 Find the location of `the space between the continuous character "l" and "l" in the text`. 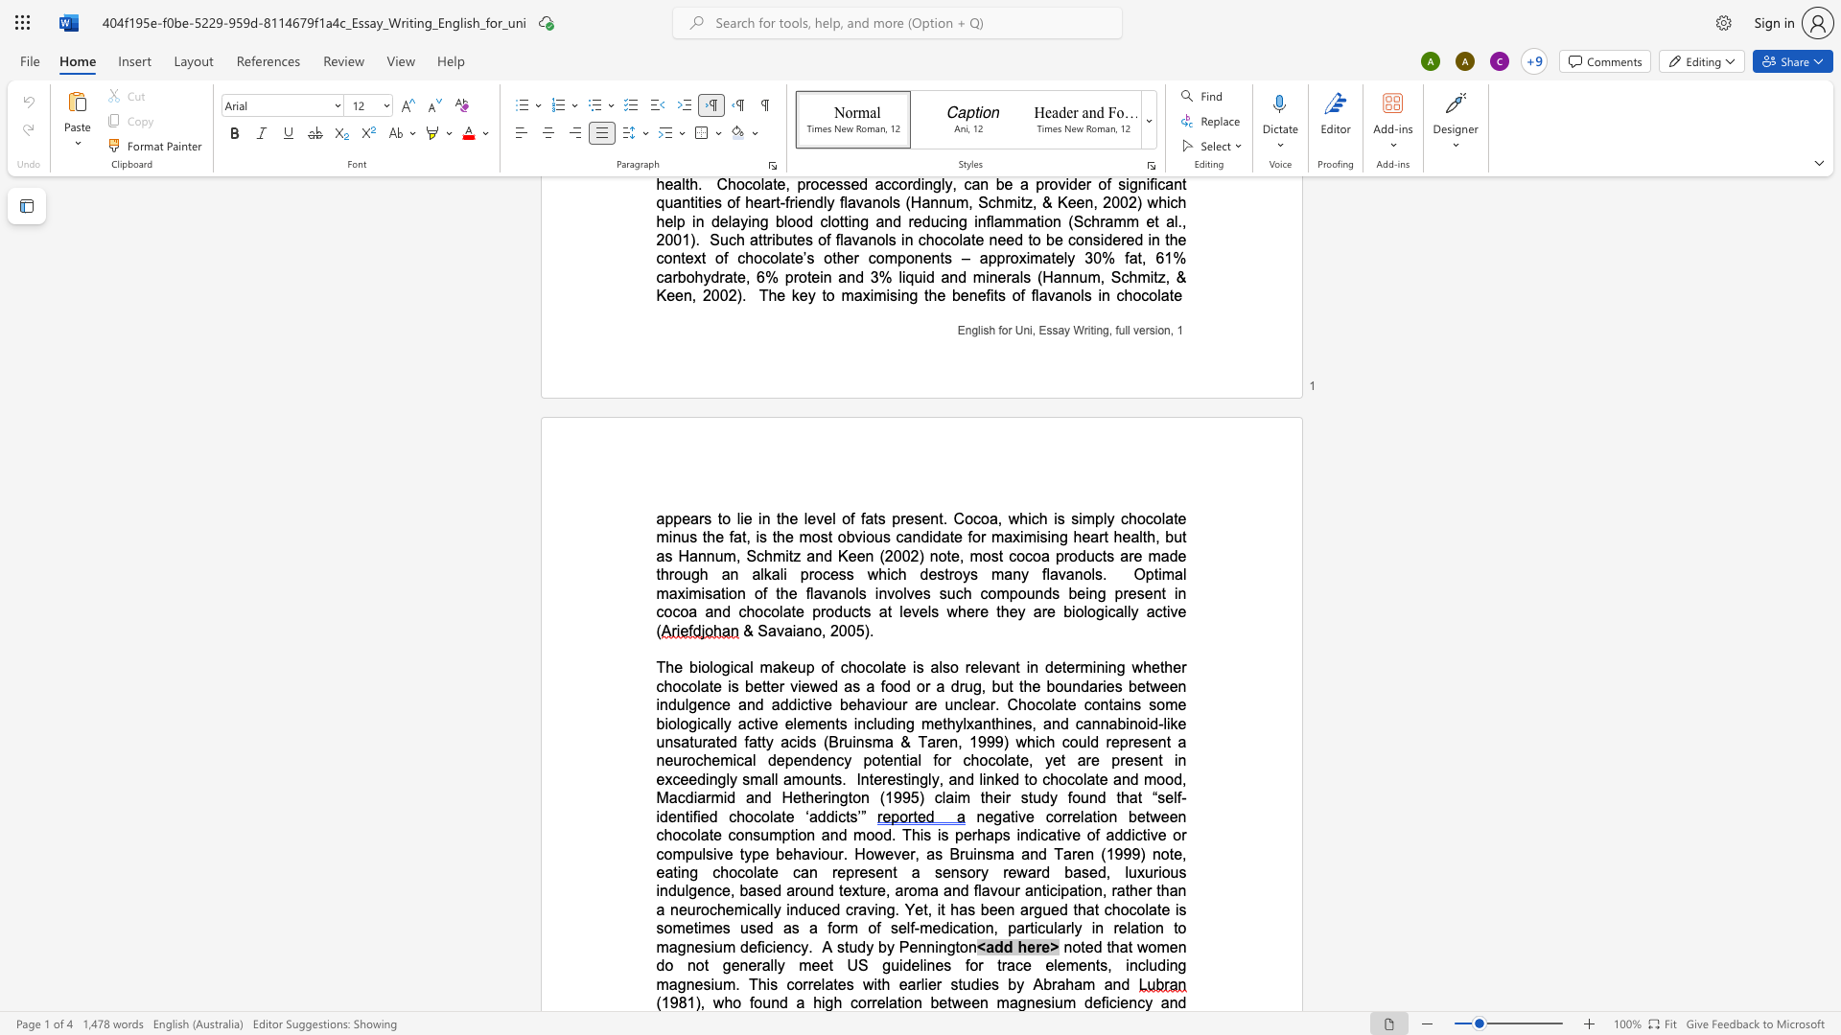

the space between the continuous character "l" and "l" in the text is located at coordinates (770, 908).